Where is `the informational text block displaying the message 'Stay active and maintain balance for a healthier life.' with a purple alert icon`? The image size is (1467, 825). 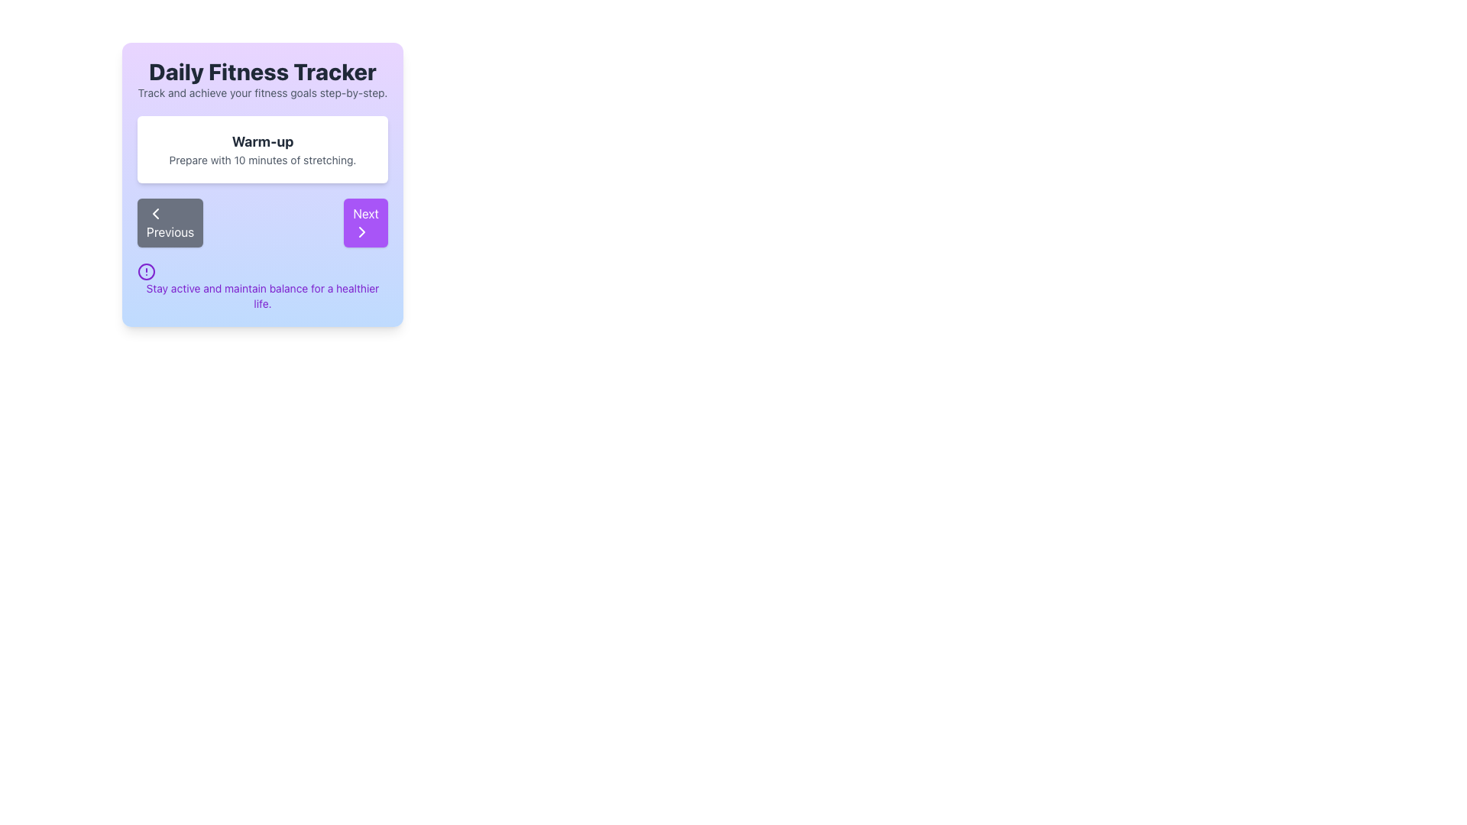
the informational text block displaying the message 'Stay active and maintain balance for a healthier life.' with a purple alert icon is located at coordinates (263, 286).